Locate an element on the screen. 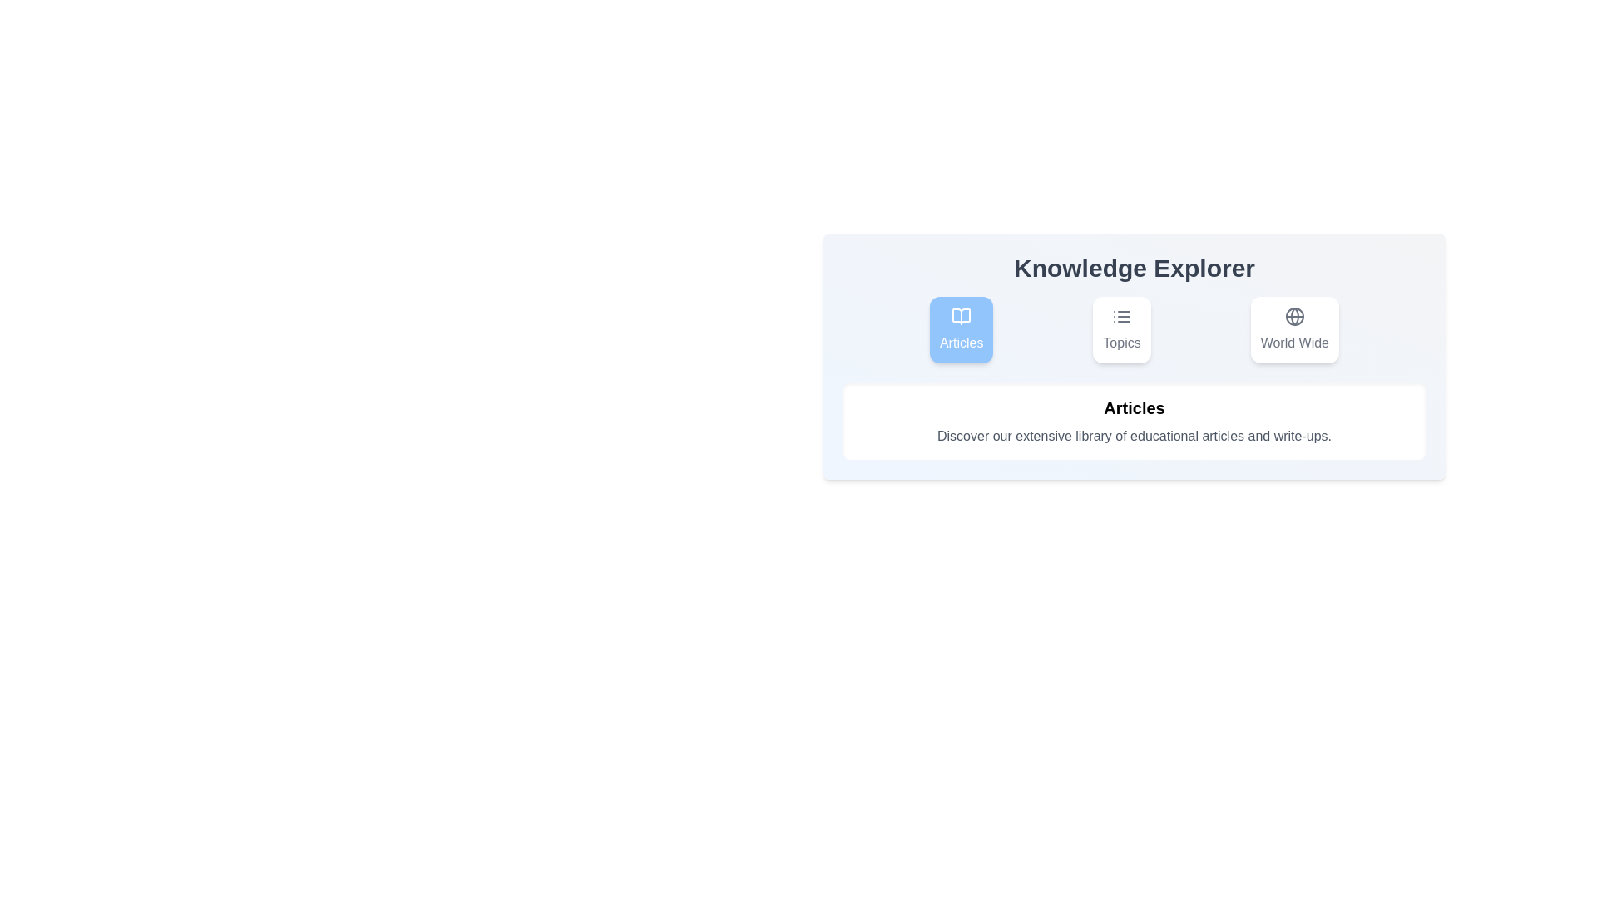 This screenshot has width=1597, height=898. the tab labeled Articles to observe the hover effect is located at coordinates (962, 330).